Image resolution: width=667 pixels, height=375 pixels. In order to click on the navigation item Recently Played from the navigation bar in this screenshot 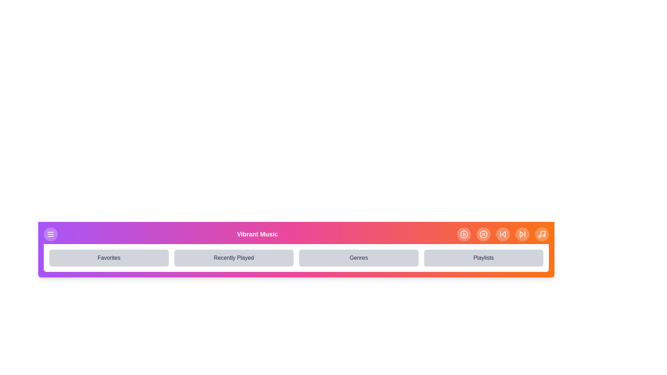, I will do `click(234, 258)`.